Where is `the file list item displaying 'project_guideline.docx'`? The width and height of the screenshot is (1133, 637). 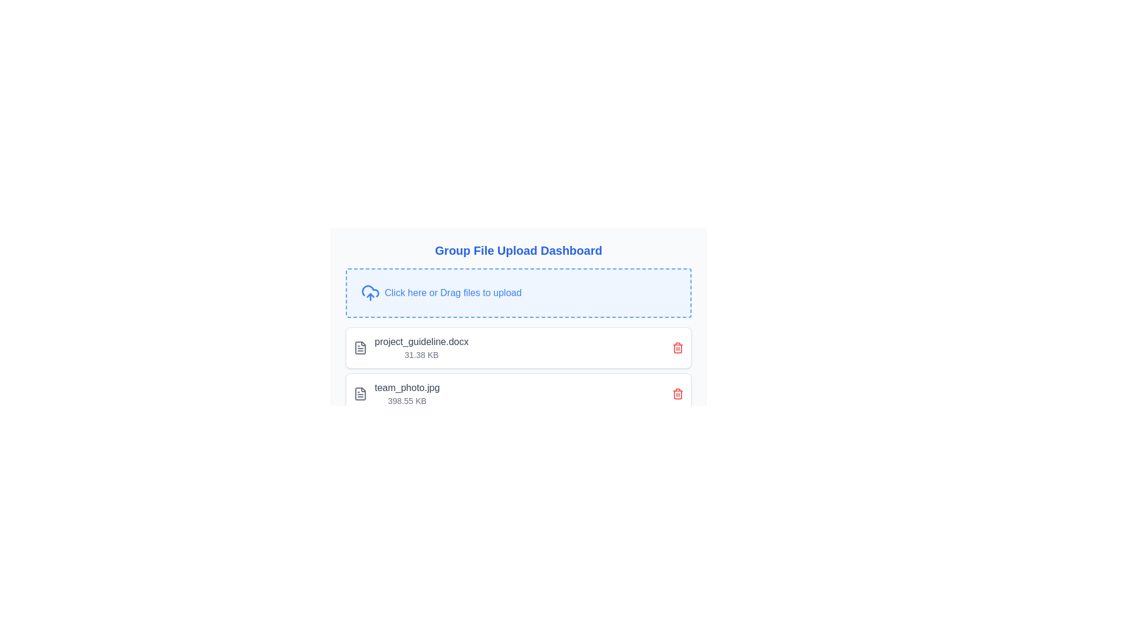
the file list item displaying 'project_guideline.docx' is located at coordinates (411, 347).